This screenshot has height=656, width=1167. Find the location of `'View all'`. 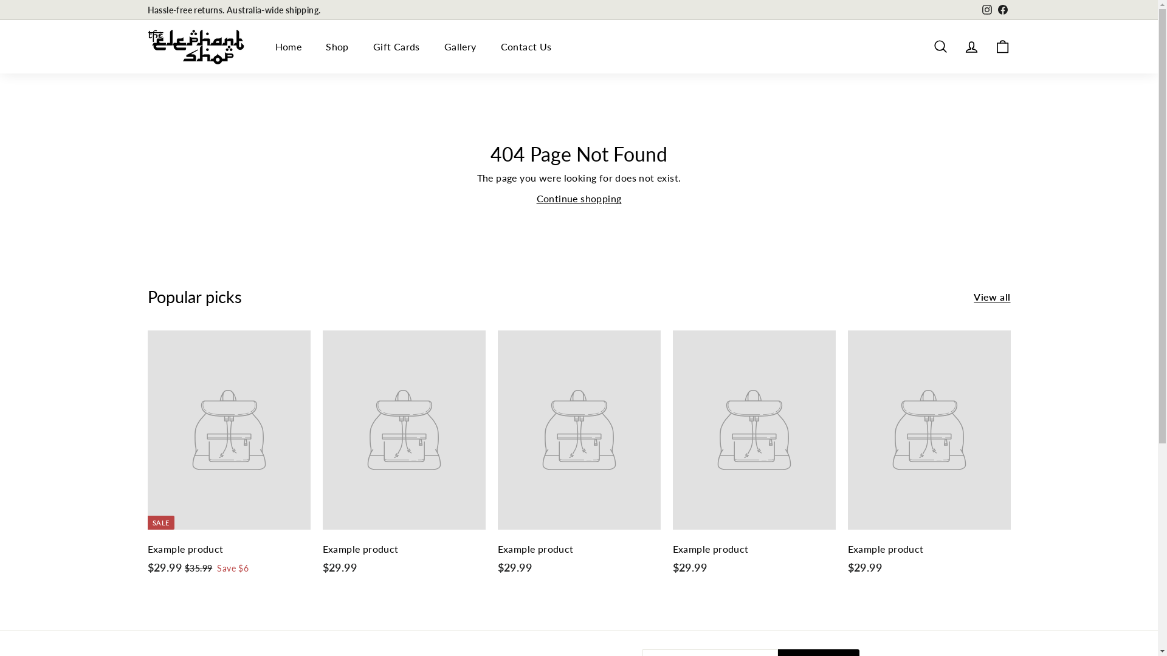

'View all' is located at coordinates (992, 297).